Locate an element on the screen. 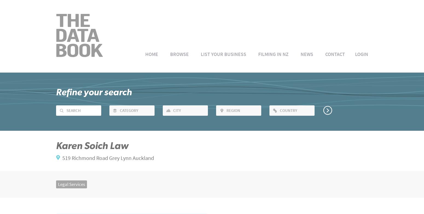 This screenshot has height=214, width=424. 'Filming in NZ' is located at coordinates (273, 54).